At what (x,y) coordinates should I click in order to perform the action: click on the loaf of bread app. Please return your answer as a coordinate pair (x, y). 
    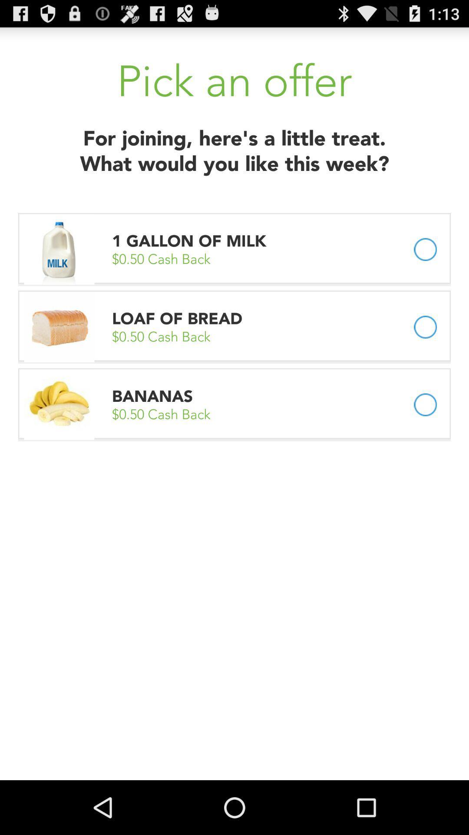
    Looking at the image, I should click on (177, 318).